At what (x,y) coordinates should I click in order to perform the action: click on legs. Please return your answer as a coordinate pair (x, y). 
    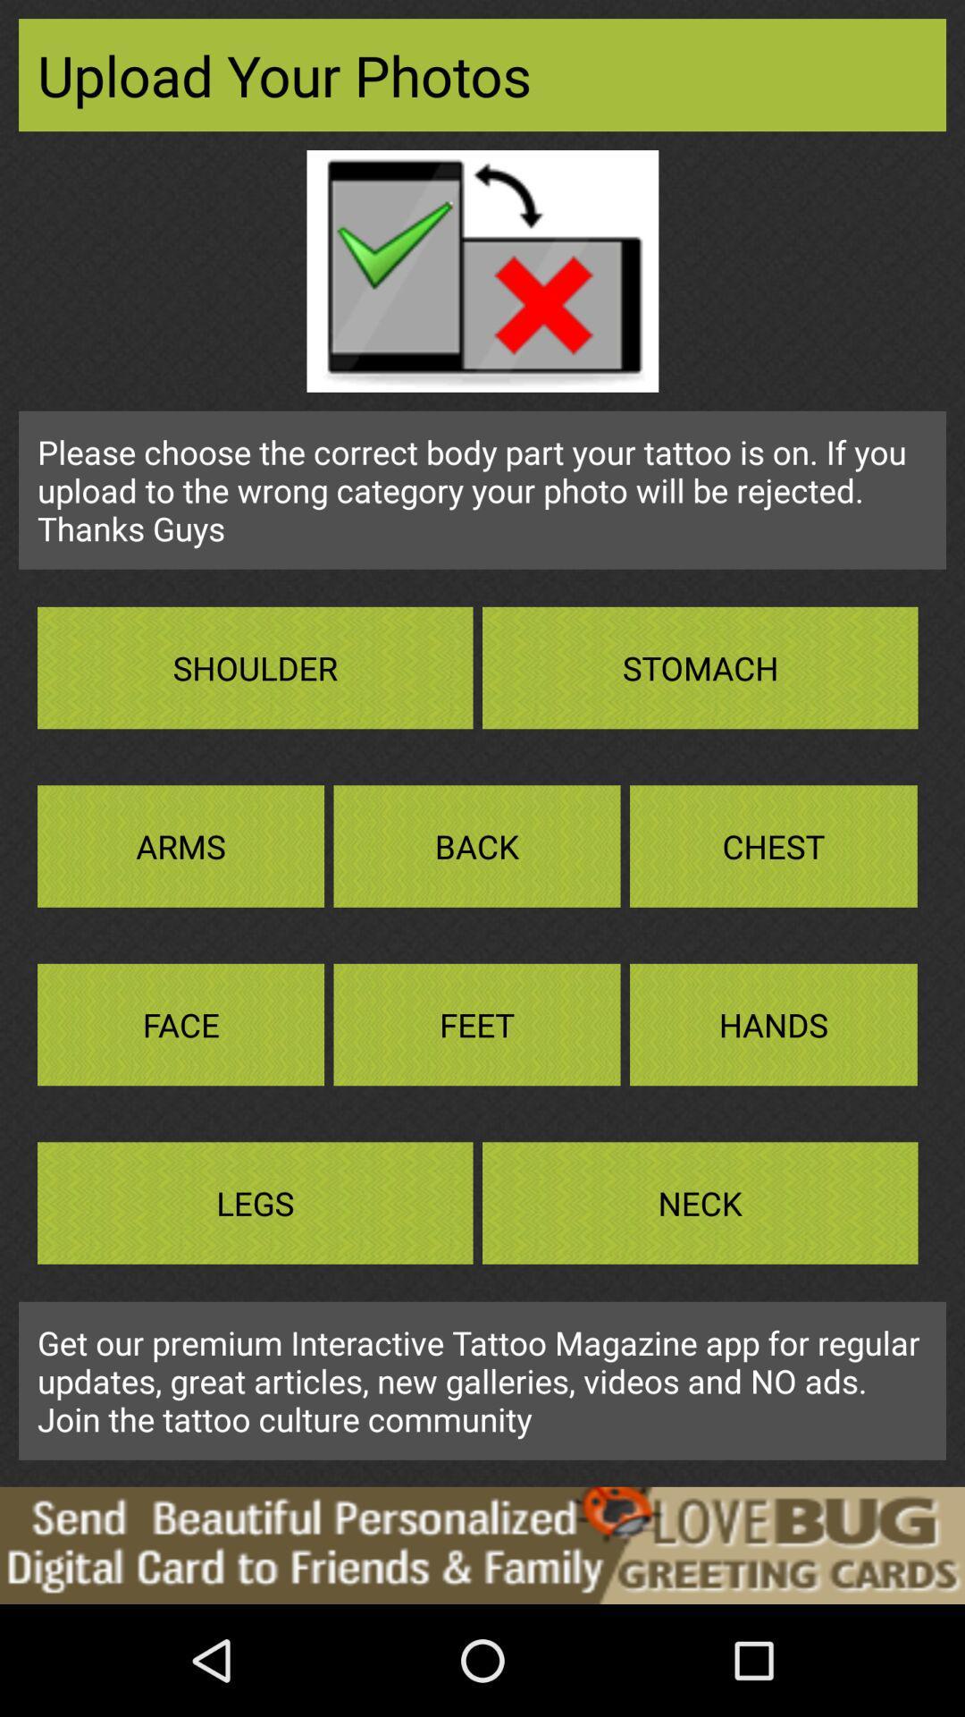
    Looking at the image, I should click on (255, 1203).